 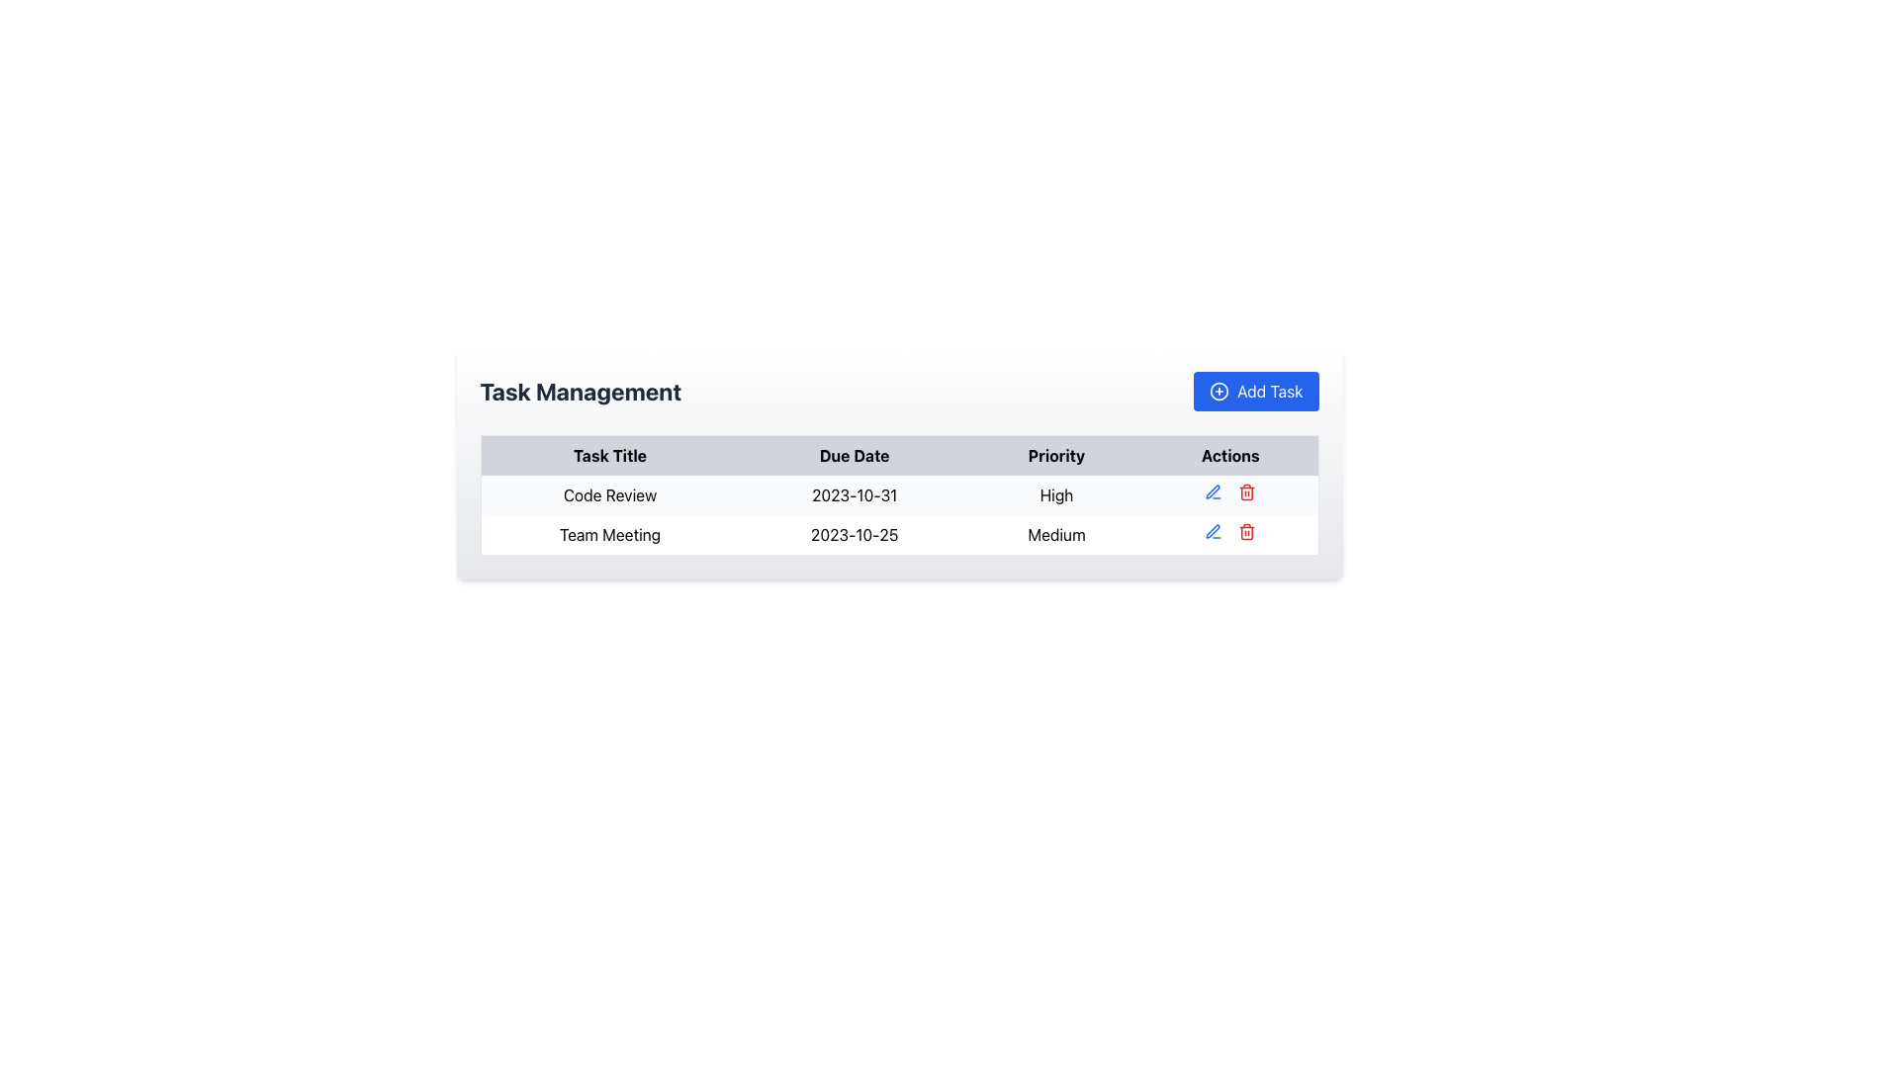 I want to click on the 'Medium' text label located in the 'Priority' column of the second row in the 'Task Management' table, which is centrally aligned and styled in a clean, black font, so click(x=1055, y=535).